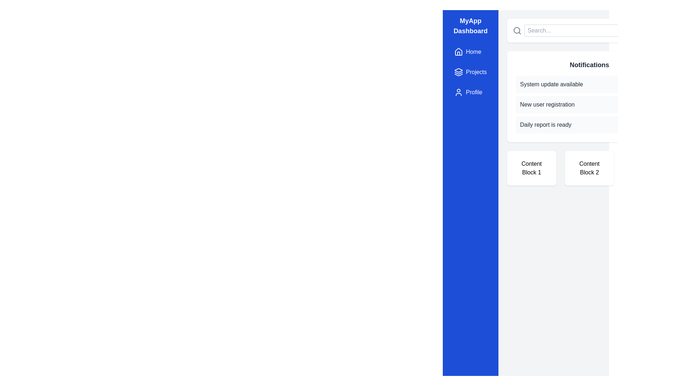  I want to click on the branding label located at the top of the blue sidebar, which serves as a title identifier for the application, so click(470, 26).